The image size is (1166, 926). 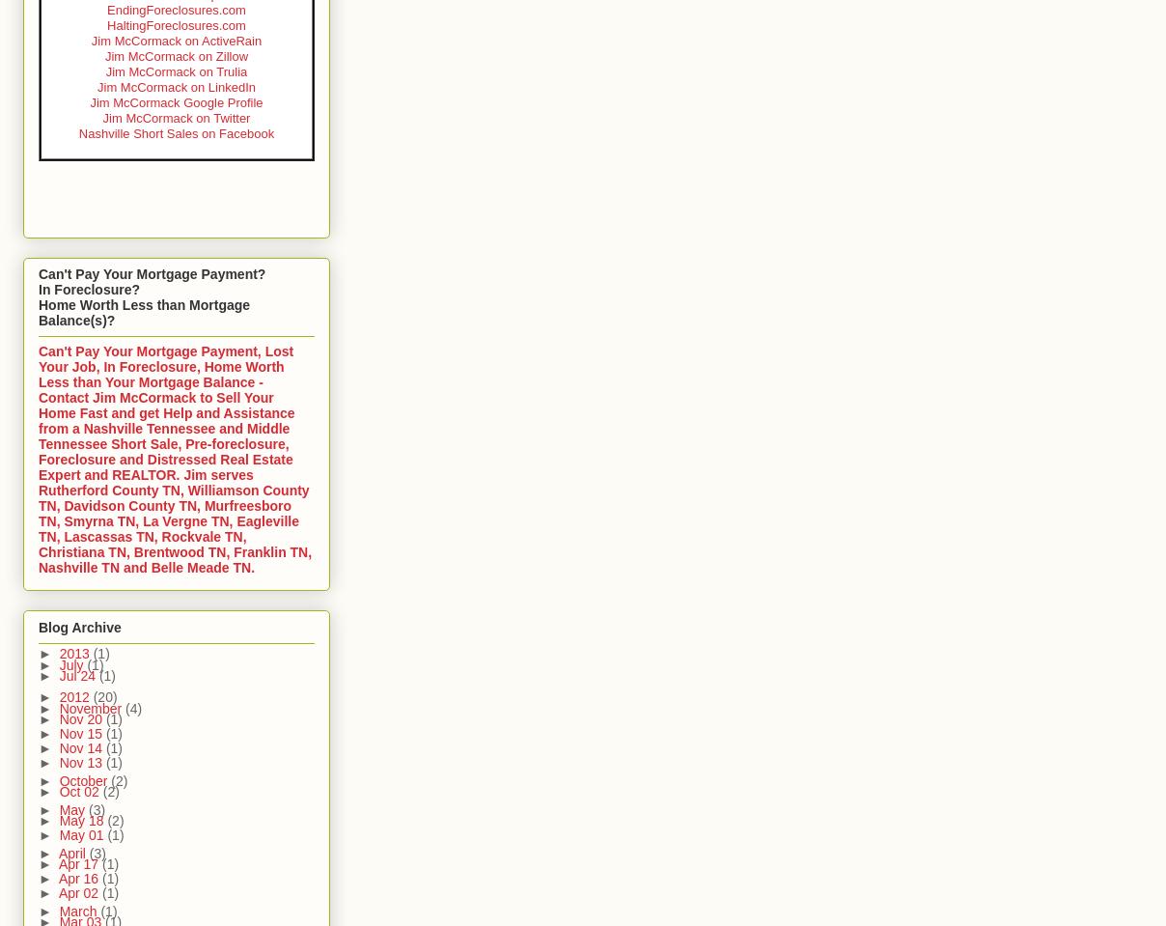 I want to click on '2012', so click(x=58, y=696).